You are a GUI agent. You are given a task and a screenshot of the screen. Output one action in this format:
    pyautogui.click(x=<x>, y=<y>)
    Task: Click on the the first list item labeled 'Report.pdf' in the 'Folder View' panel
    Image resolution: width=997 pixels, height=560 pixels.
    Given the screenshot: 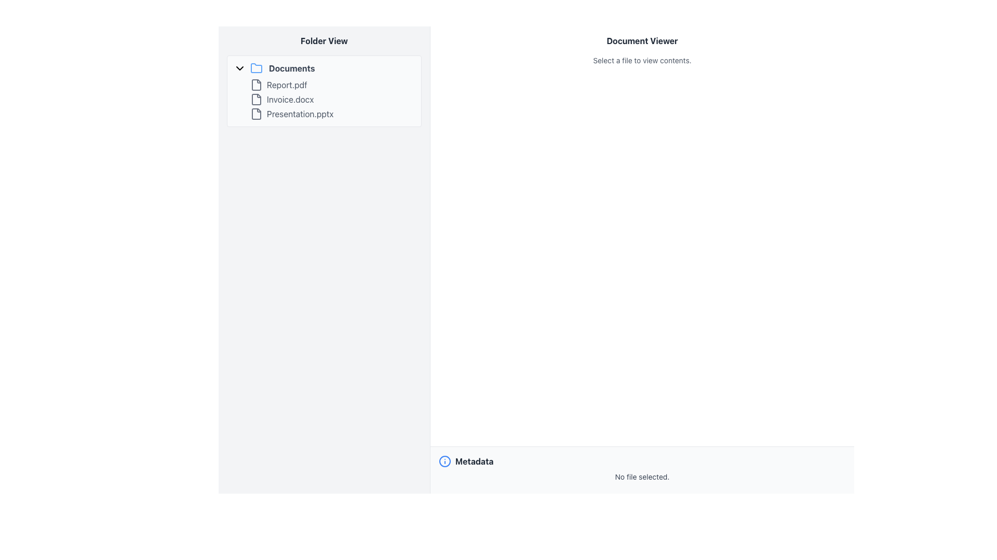 What is the action you would take?
    pyautogui.click(x=332, y=85)
    